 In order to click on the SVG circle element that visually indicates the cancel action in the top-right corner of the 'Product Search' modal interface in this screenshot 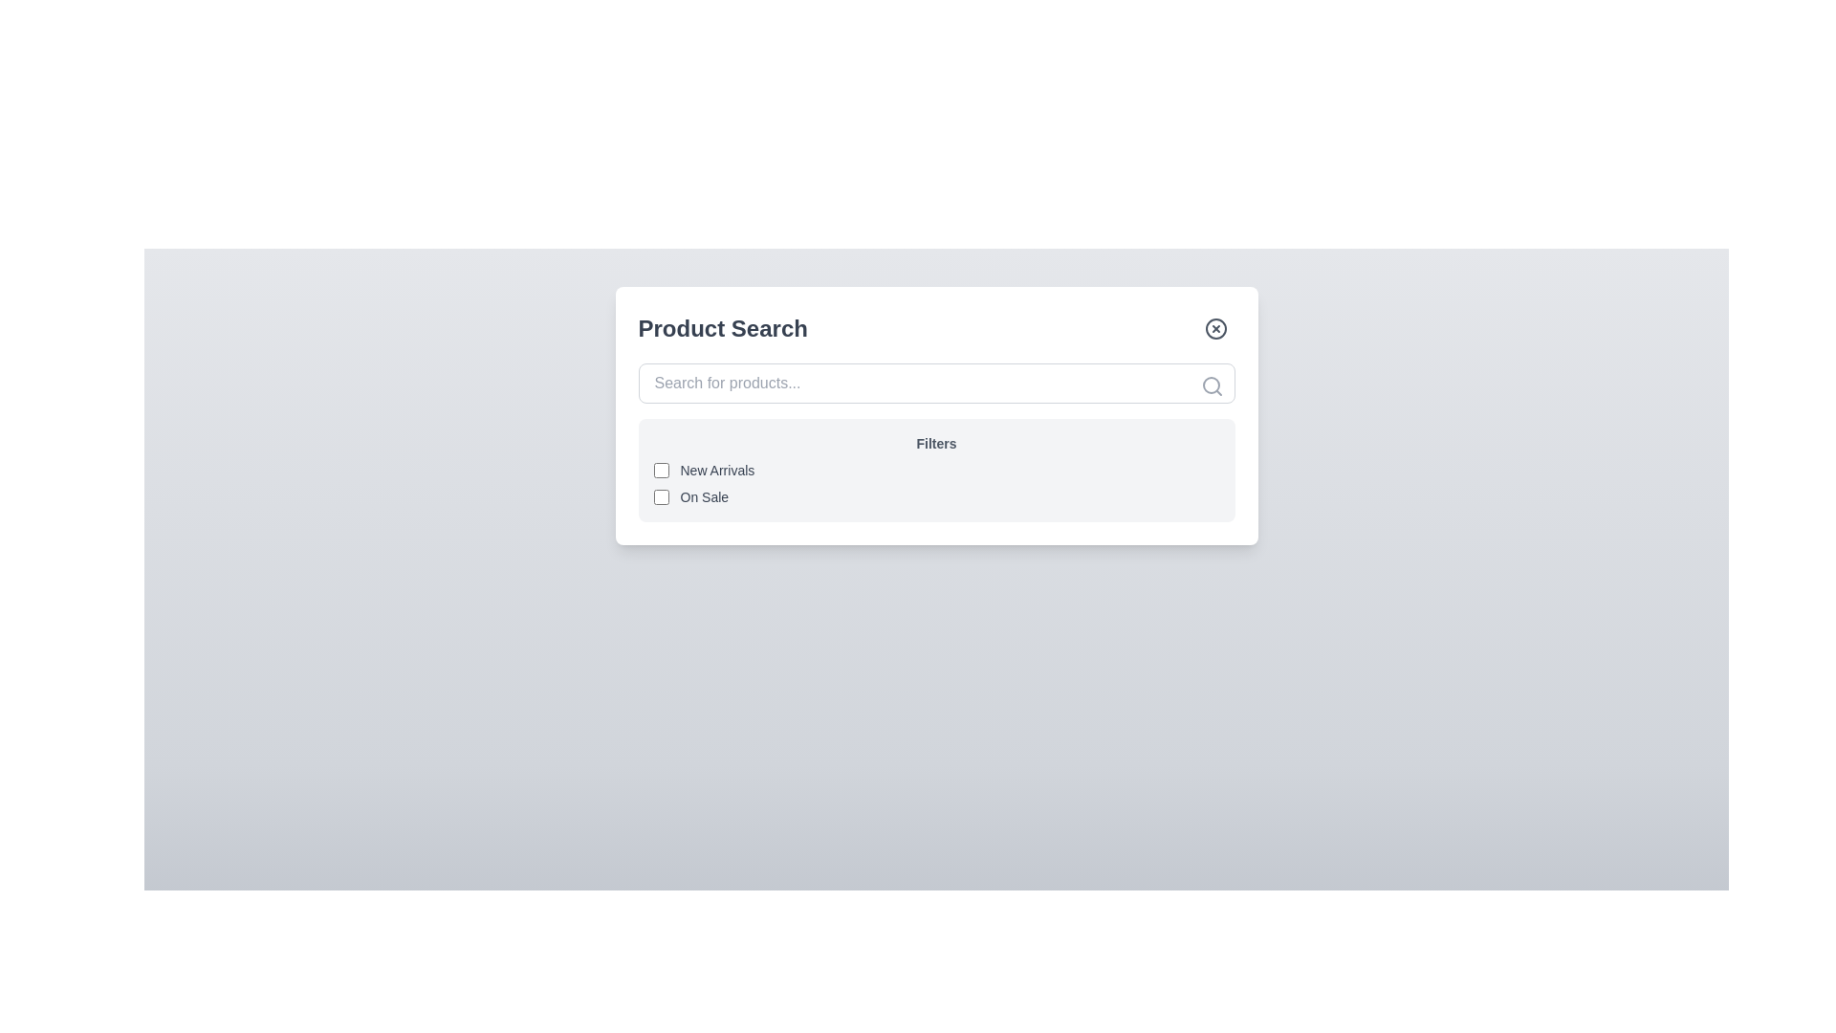, I will do `click(1214, 327)`.